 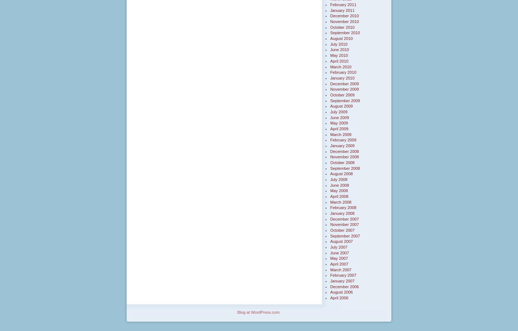 I want to click on 'September 2008', so click(x=345, y=168).